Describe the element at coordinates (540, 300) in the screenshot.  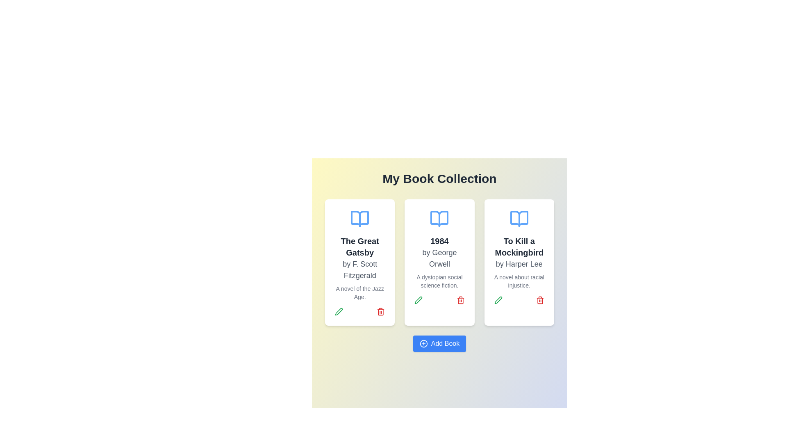
I see `the red trash bin icon button located on the far right of the action button row under the 'To Kill a Mockingbird' card, which is the second button in the row, indicating a delete action` at that location.